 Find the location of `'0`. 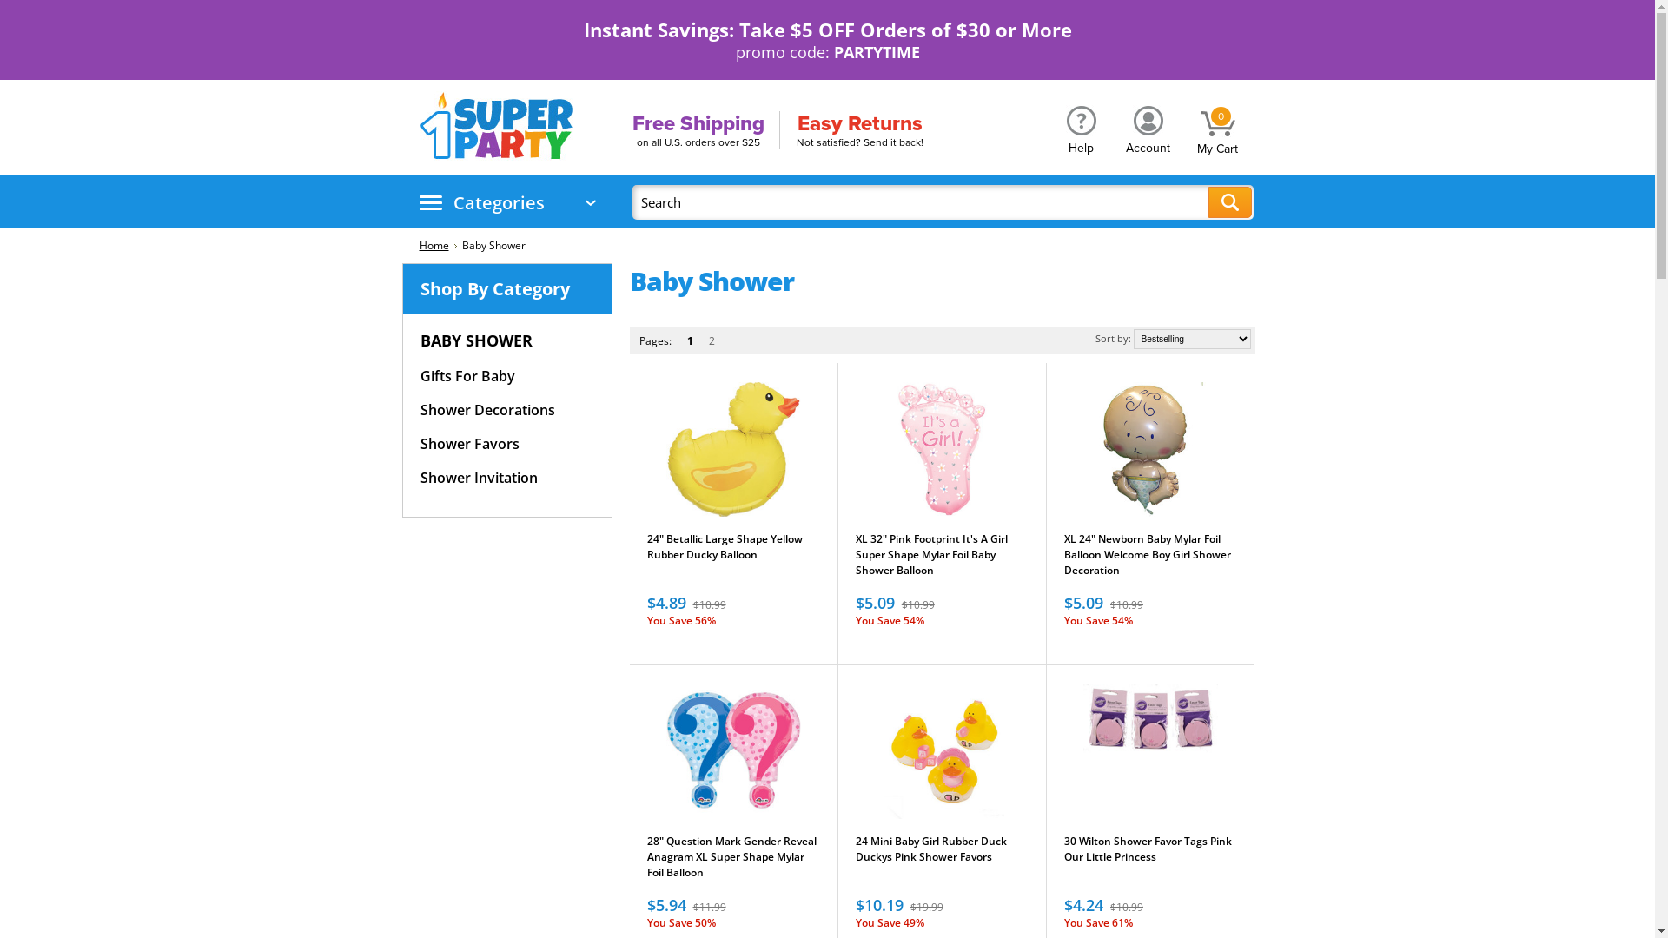

'0 is located at coordinates (1216, 125).